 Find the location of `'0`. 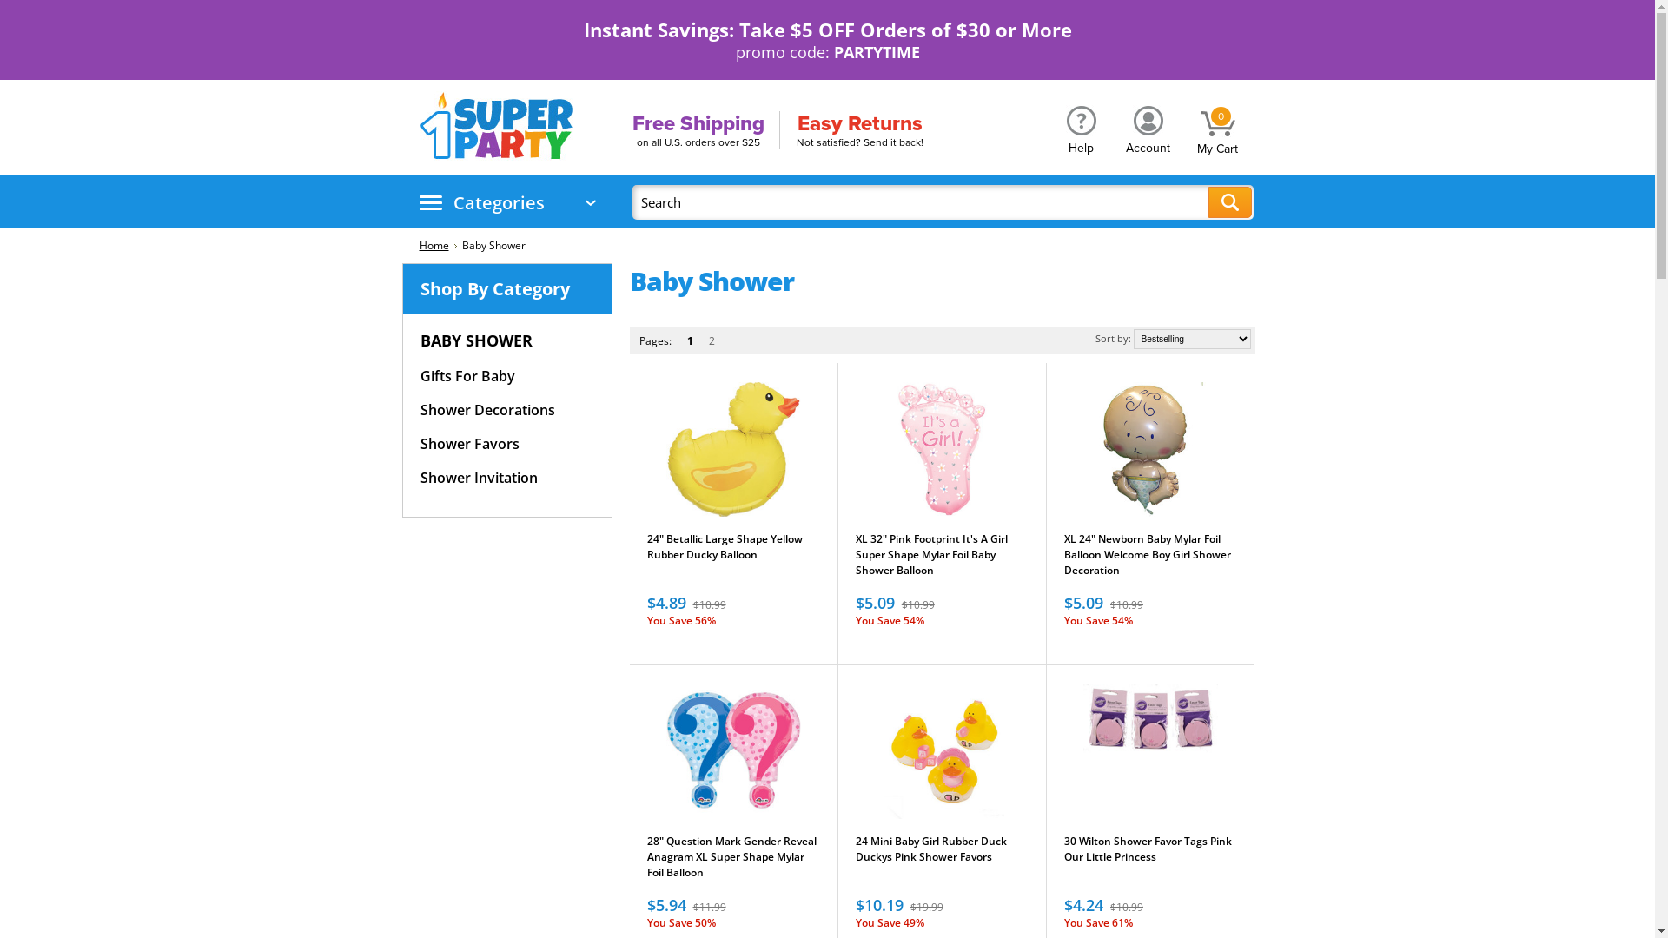

'0 is located at coordinates (1216, 125).